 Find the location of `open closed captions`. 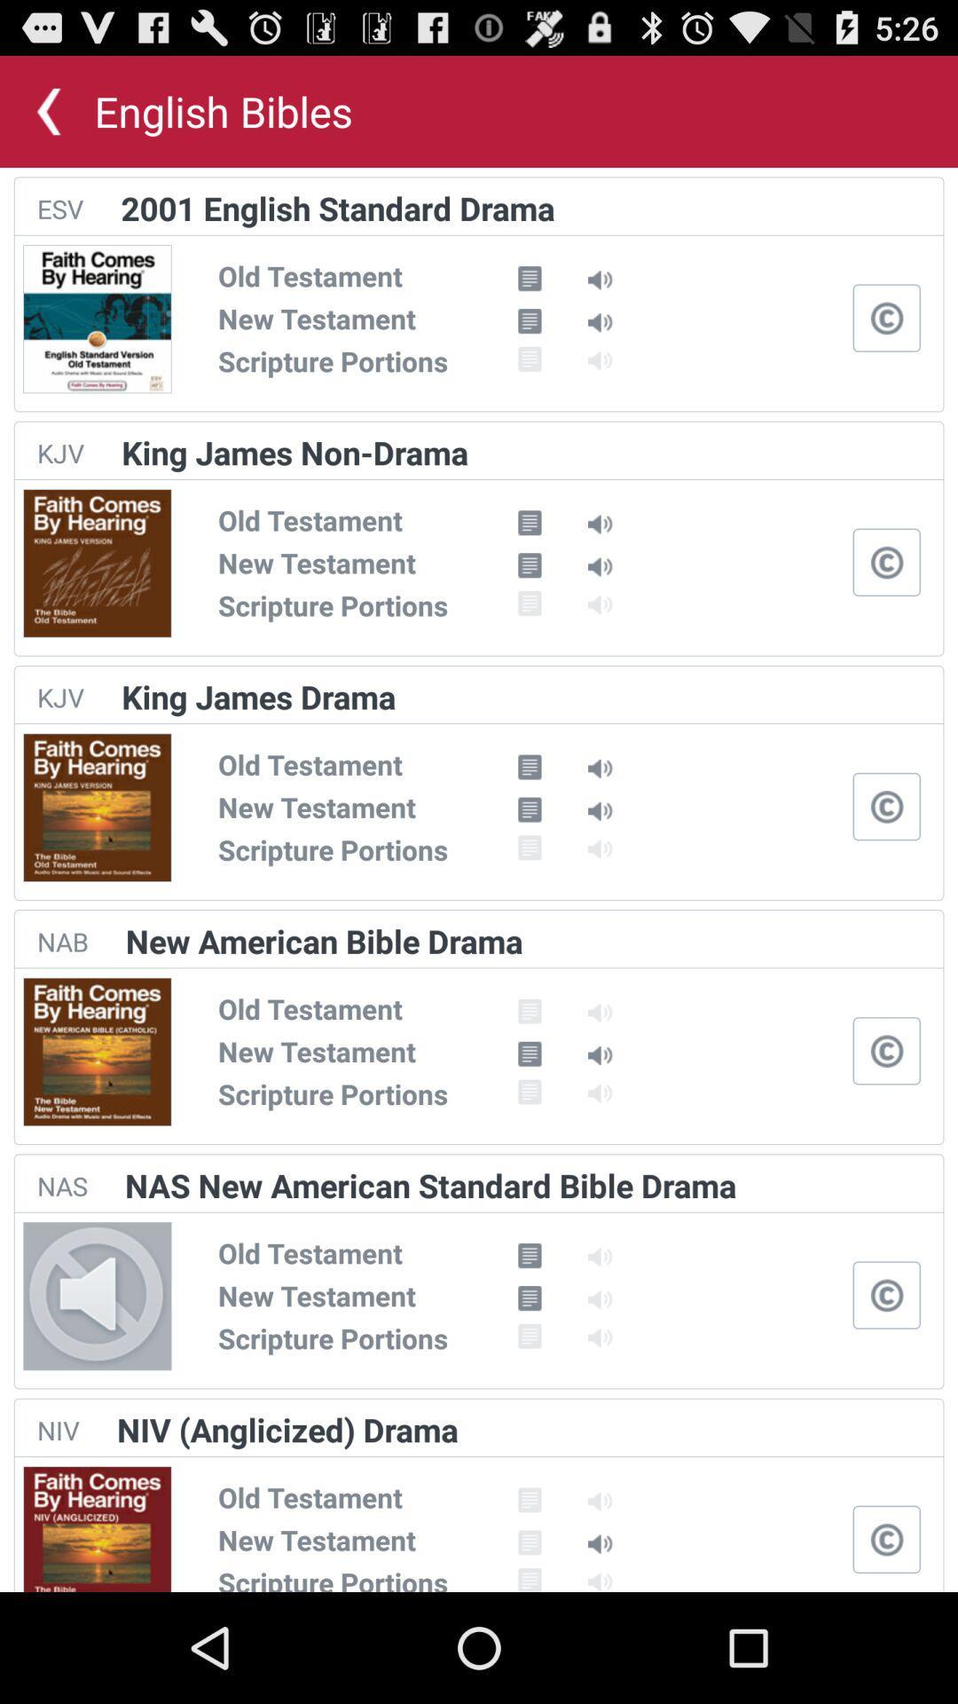

open closed captions is located at coordinates (886, 805).